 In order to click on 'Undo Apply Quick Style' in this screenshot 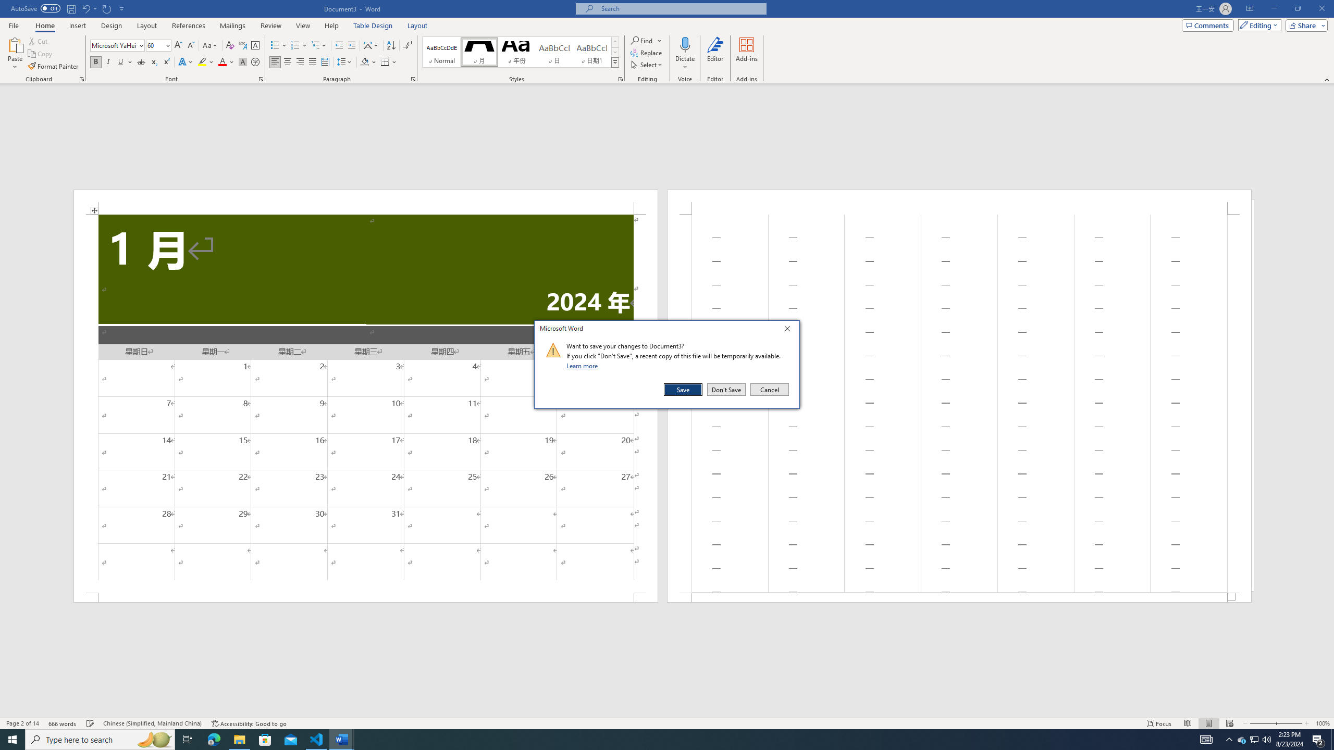, I will do `click(89, 8)`.